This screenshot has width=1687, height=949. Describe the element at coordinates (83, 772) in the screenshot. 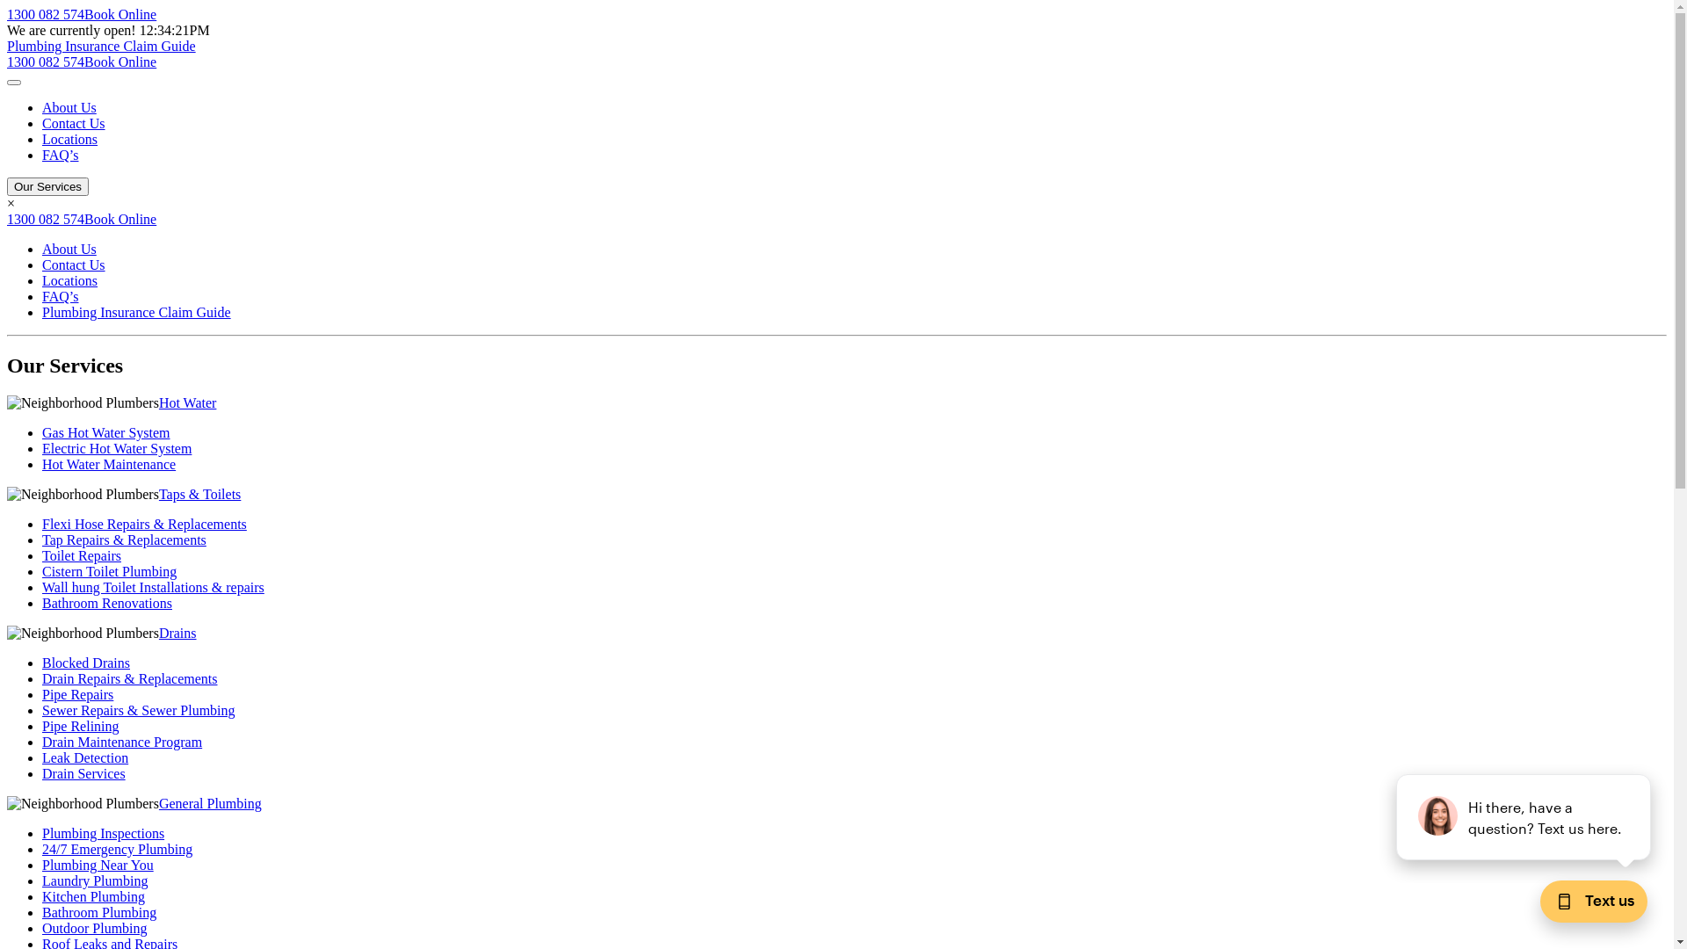

I see `'Drain Services'` at that location.